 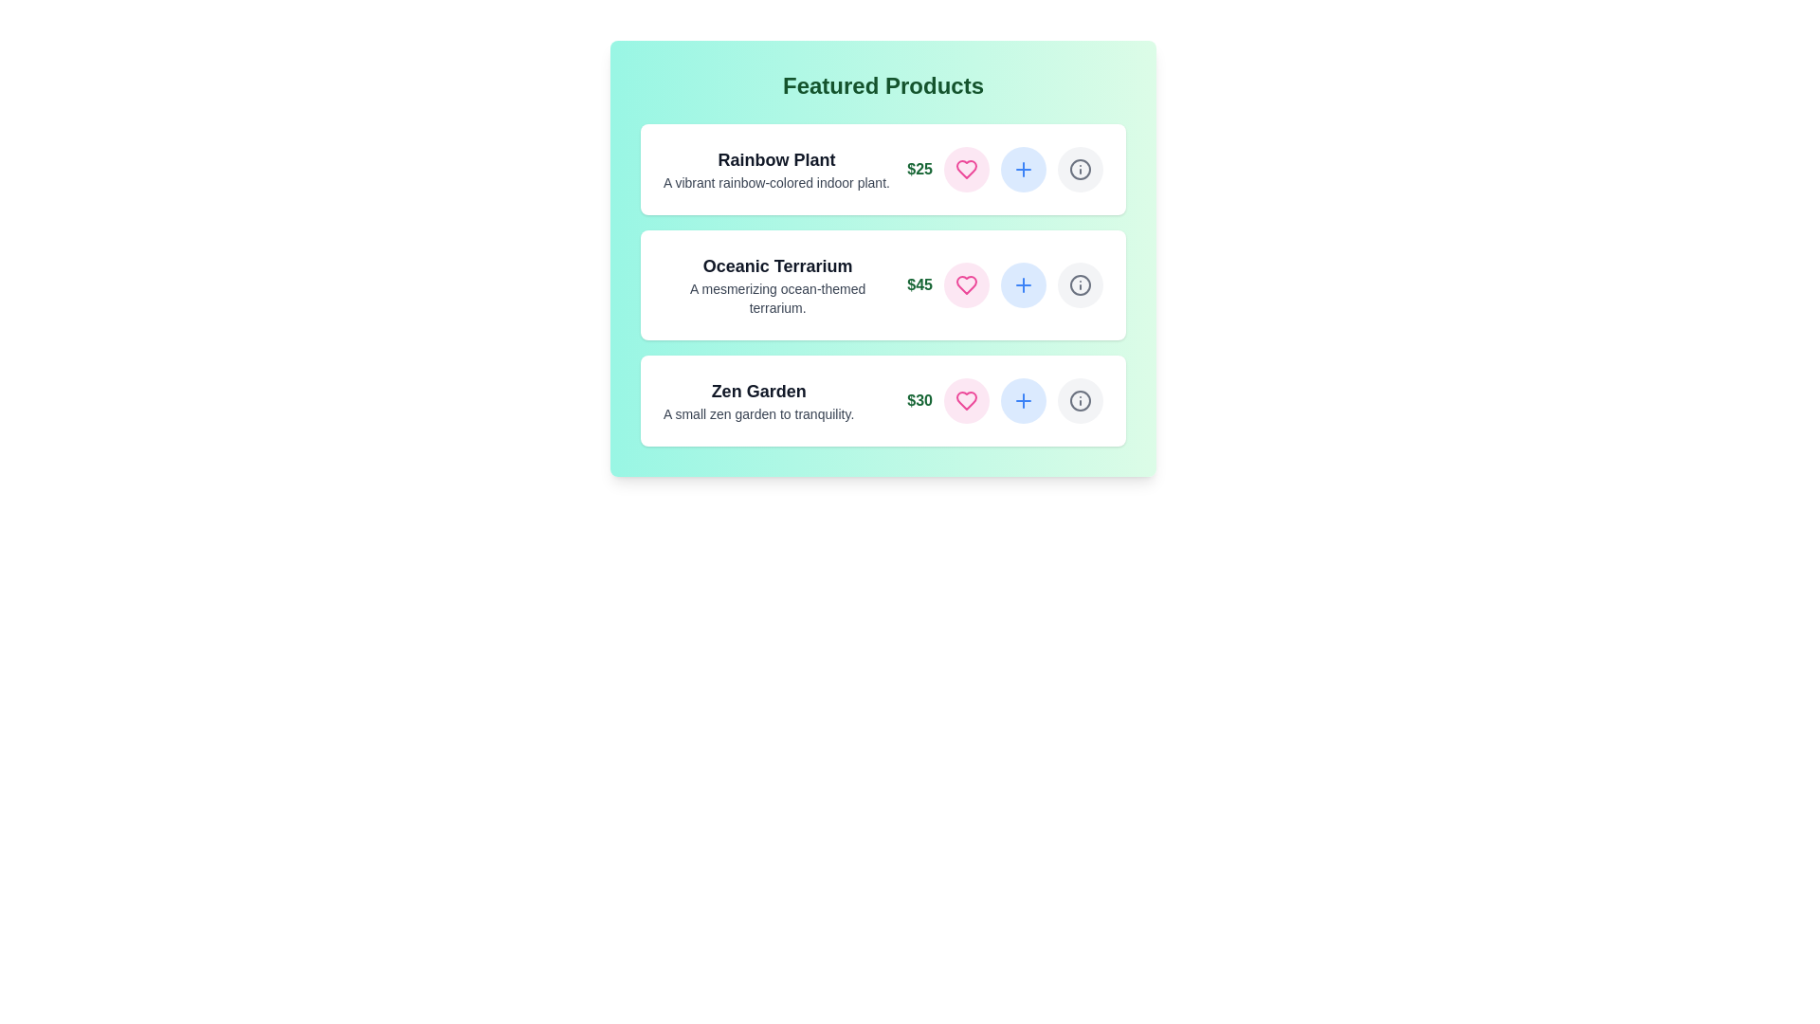 What do you see at coordinates (919, 168) in the screenshot?
I see `the price of the product to inspect it visually` at bounding box center [919, 168].